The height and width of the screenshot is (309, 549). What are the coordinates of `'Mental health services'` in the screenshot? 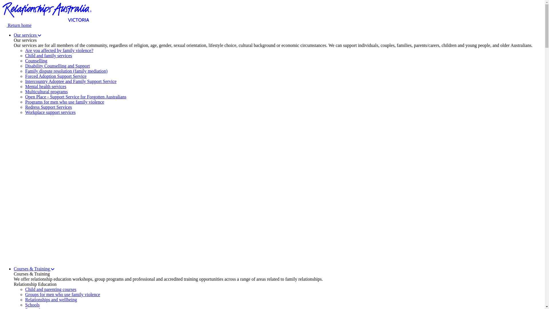 It's located at (45, 86).